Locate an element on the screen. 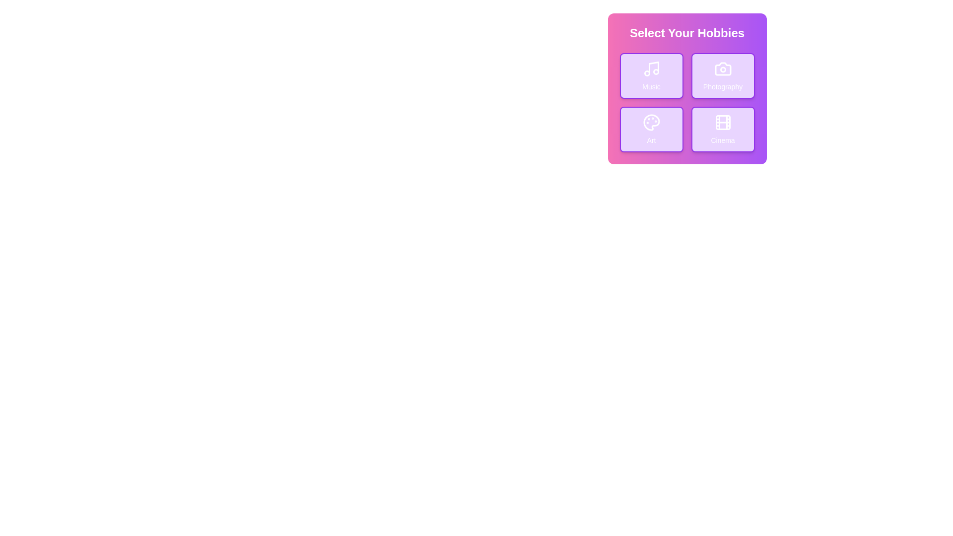  the Art button to toggle its selection state is located at coordinates (651, 129).